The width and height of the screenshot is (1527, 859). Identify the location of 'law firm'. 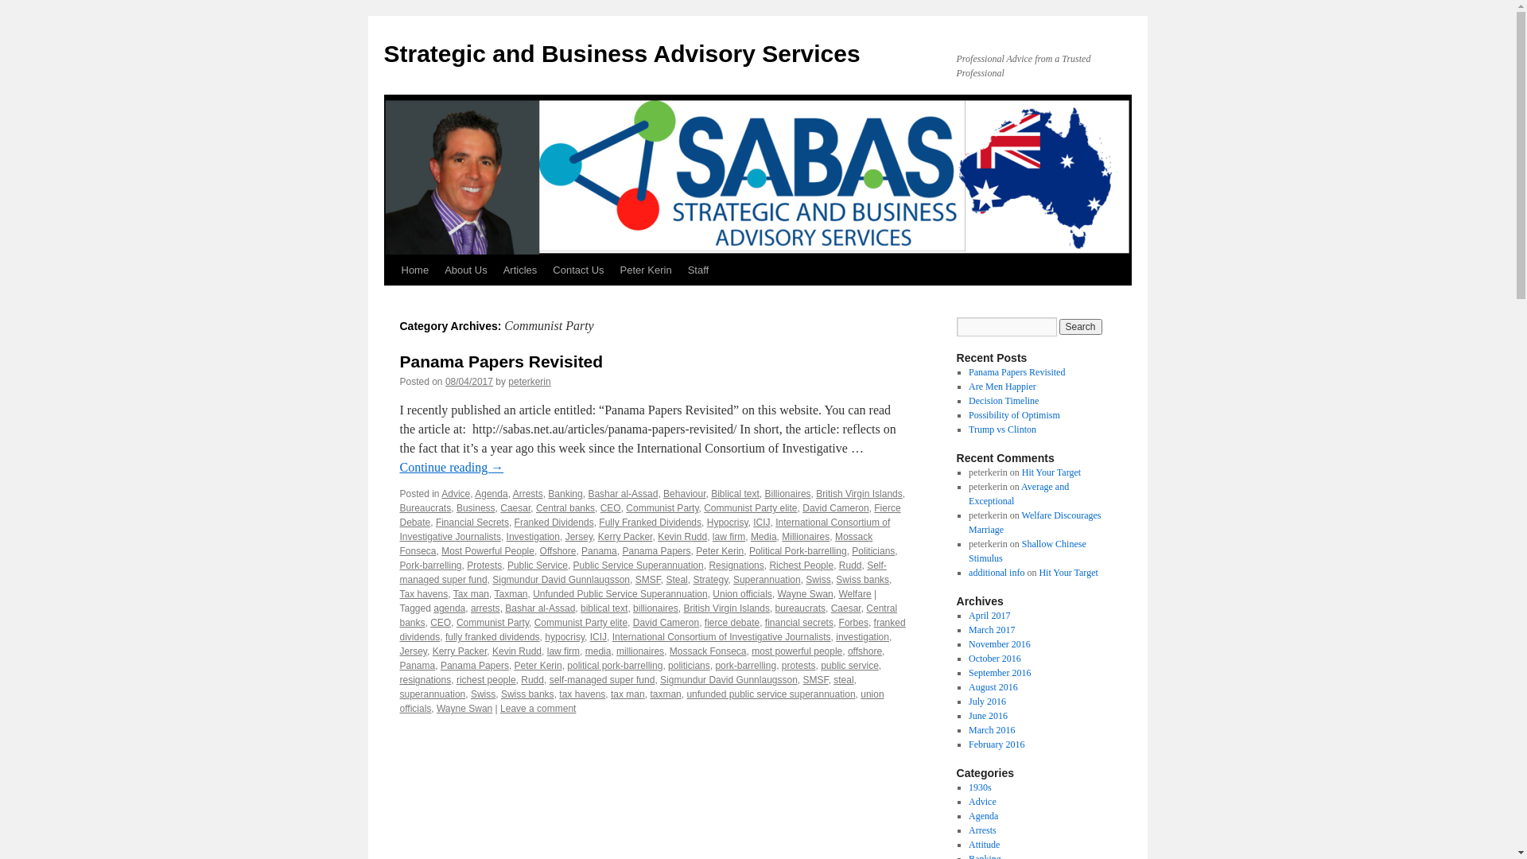
(563, 651).